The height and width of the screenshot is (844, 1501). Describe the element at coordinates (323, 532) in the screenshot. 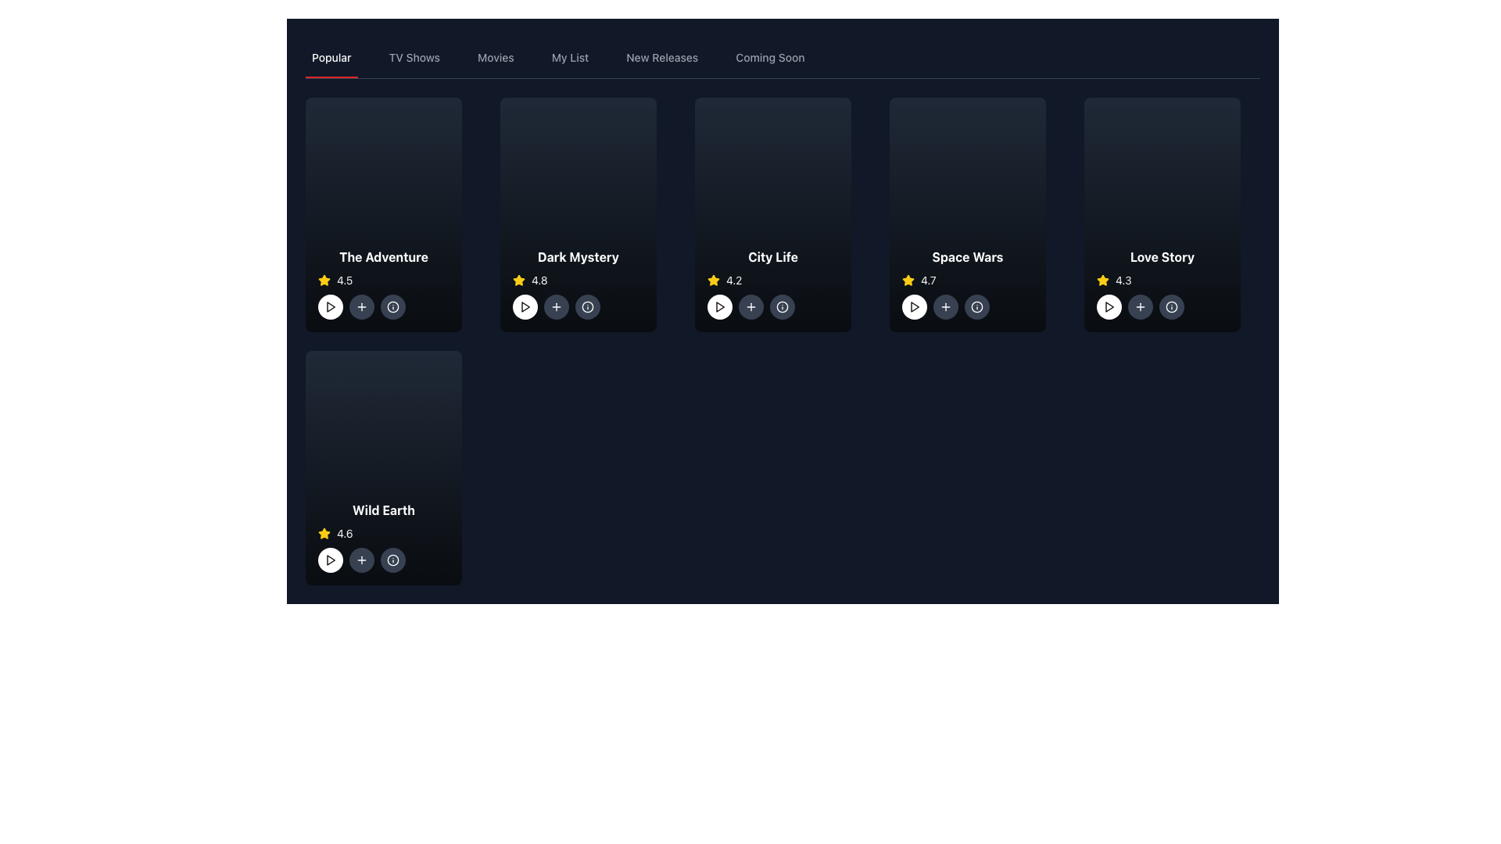

I see `the rating icon representing a positive rating for the media item located in the lower-left corner of the 'Wild Earth' card` at that location.